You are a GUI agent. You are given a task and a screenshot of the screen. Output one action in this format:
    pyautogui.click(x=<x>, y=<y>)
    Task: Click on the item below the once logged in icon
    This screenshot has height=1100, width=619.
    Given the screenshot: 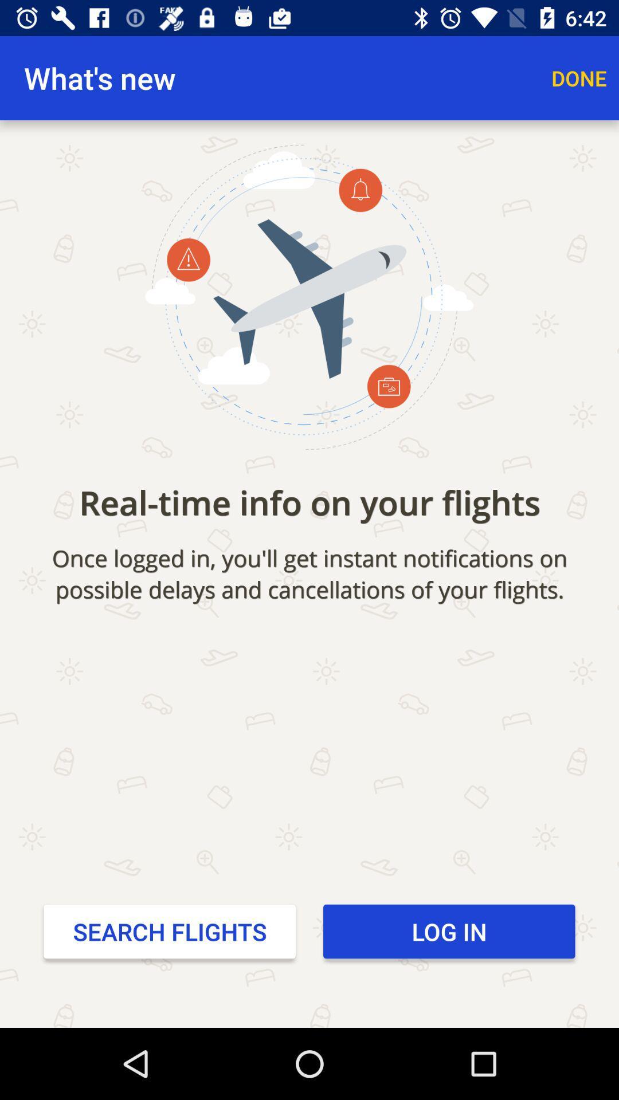 What is the action you would take?
    pyautogui.click(x=448, y=932)
    